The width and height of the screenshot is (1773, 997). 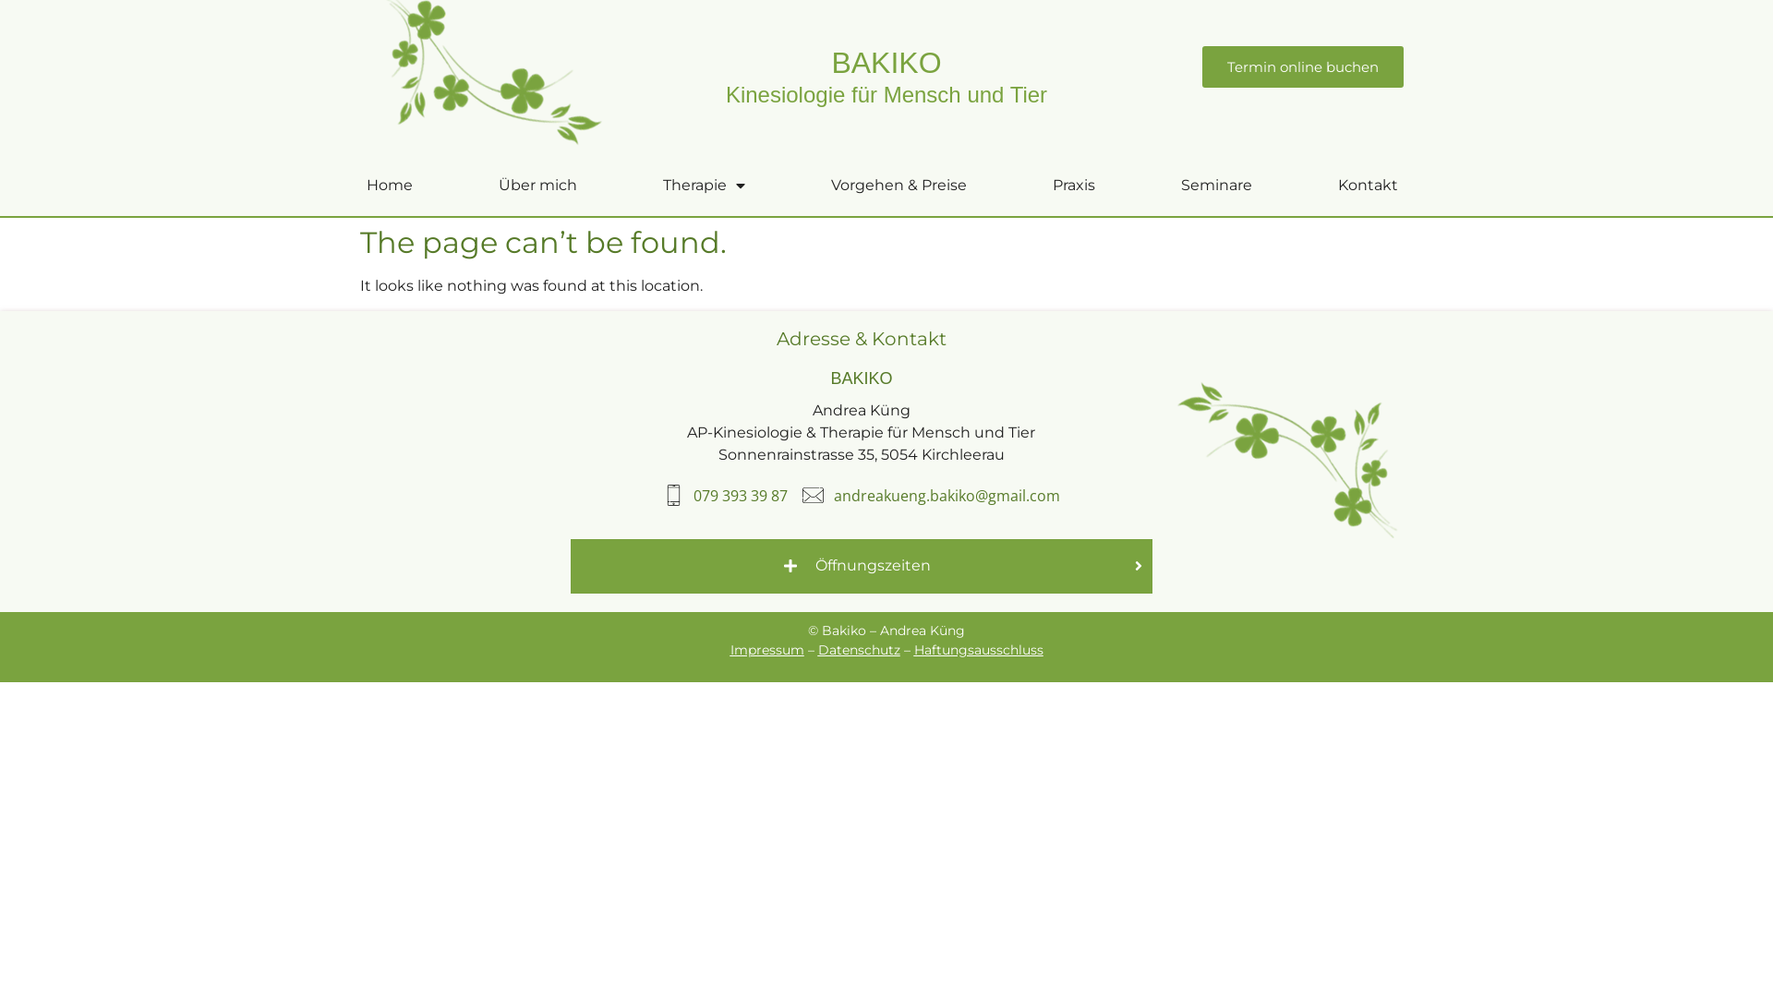 I want to click on 'Home', so click(x=388, y=185).